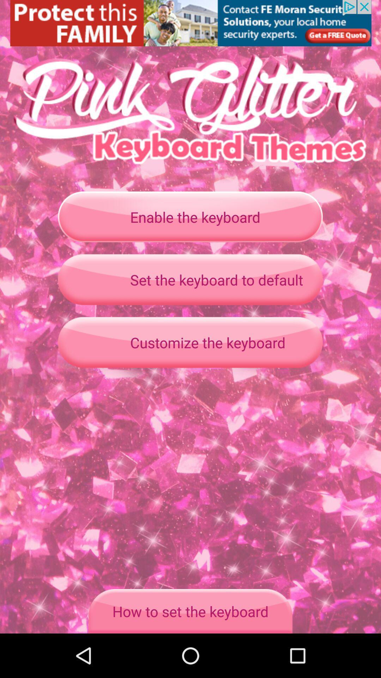 The height and width of the screenshot is (678, 381). Describe the element at coordinates (190, 23) in the screenshot. I see `view advertisements options` at that location.